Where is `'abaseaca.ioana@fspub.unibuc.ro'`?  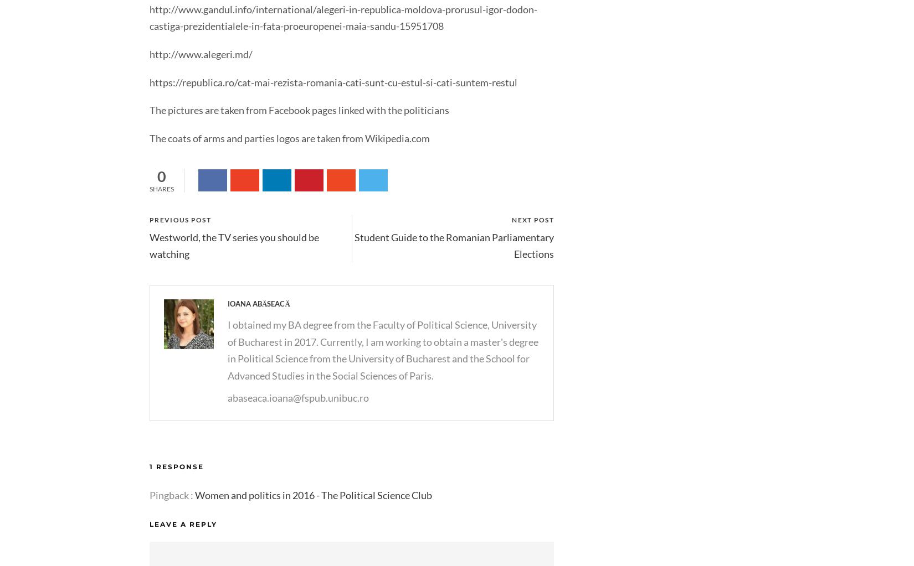 'abaseaca.ioana@fspub.unibuc.ro' is located at coordinates (297, 397).